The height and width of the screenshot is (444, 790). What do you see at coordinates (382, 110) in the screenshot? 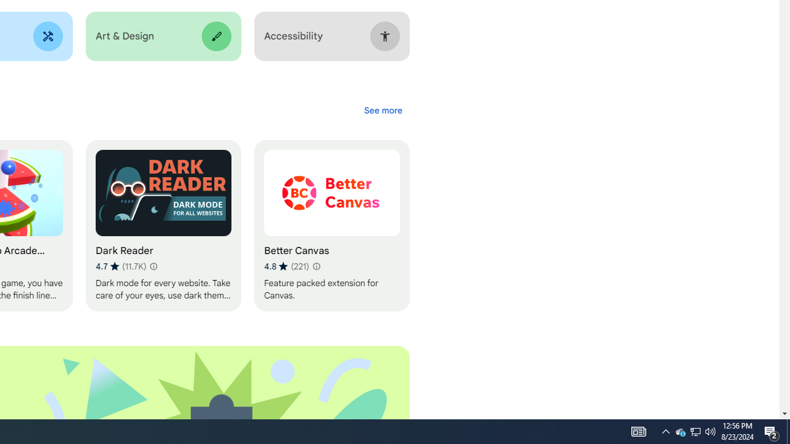
I see `'See more personalized recommendations'` at bounding box center [382, 110].